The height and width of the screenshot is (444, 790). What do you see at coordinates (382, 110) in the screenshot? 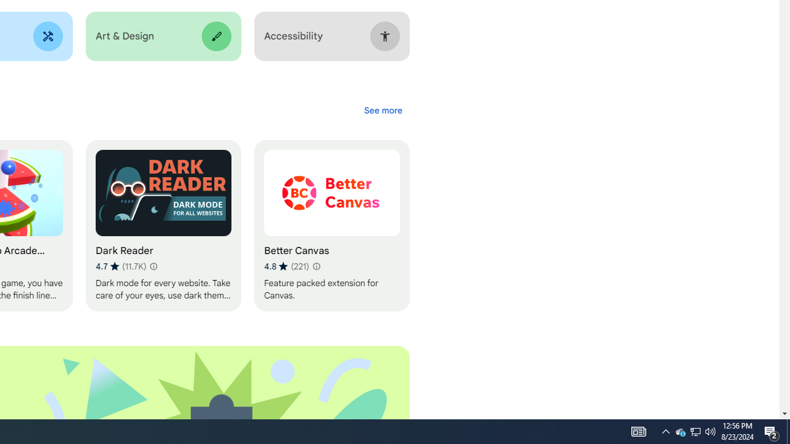
I see `'See more personalized recommendations'` at bounding box center [382, 110].